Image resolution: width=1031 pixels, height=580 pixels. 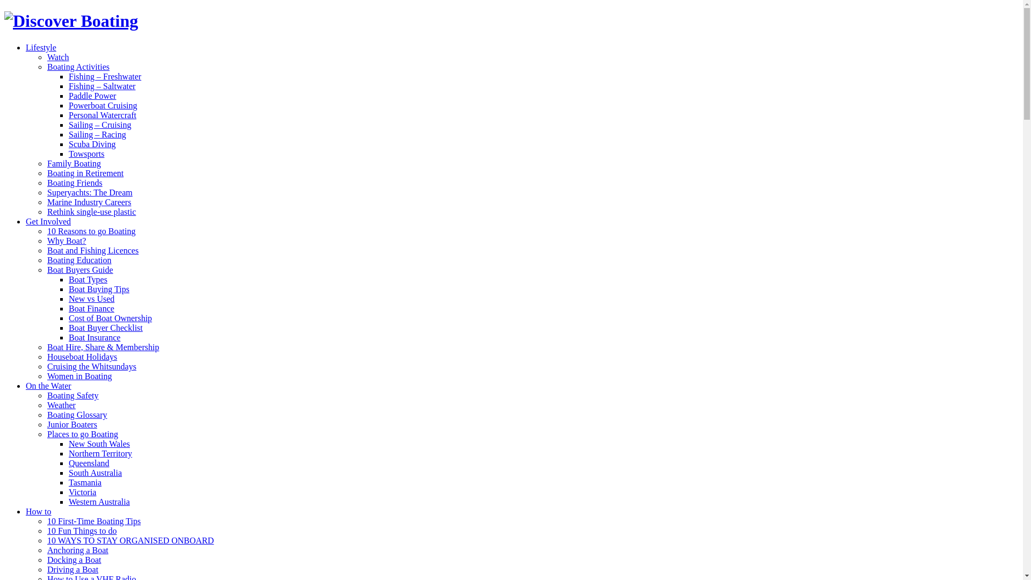 What do you see at coordinates (46, 347) in the screenshot?
I see `'Boat Hire, Share & Membership'` at bounding box center [46, 347].